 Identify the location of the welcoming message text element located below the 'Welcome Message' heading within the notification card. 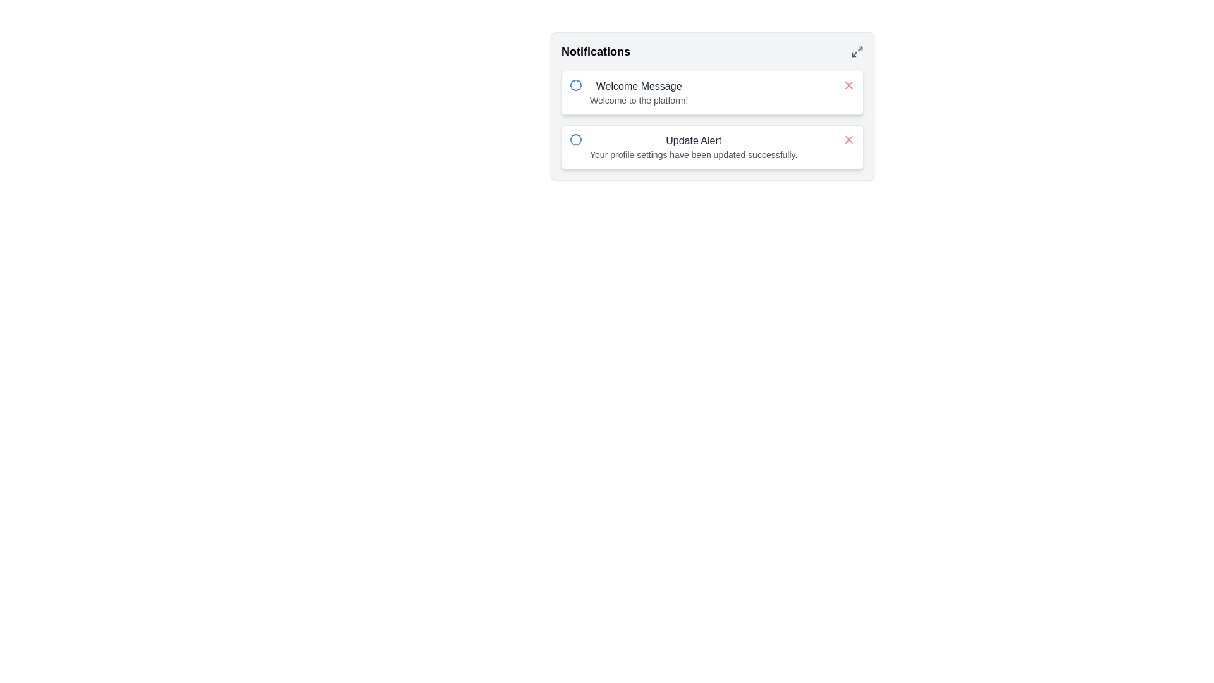
(639, 99).